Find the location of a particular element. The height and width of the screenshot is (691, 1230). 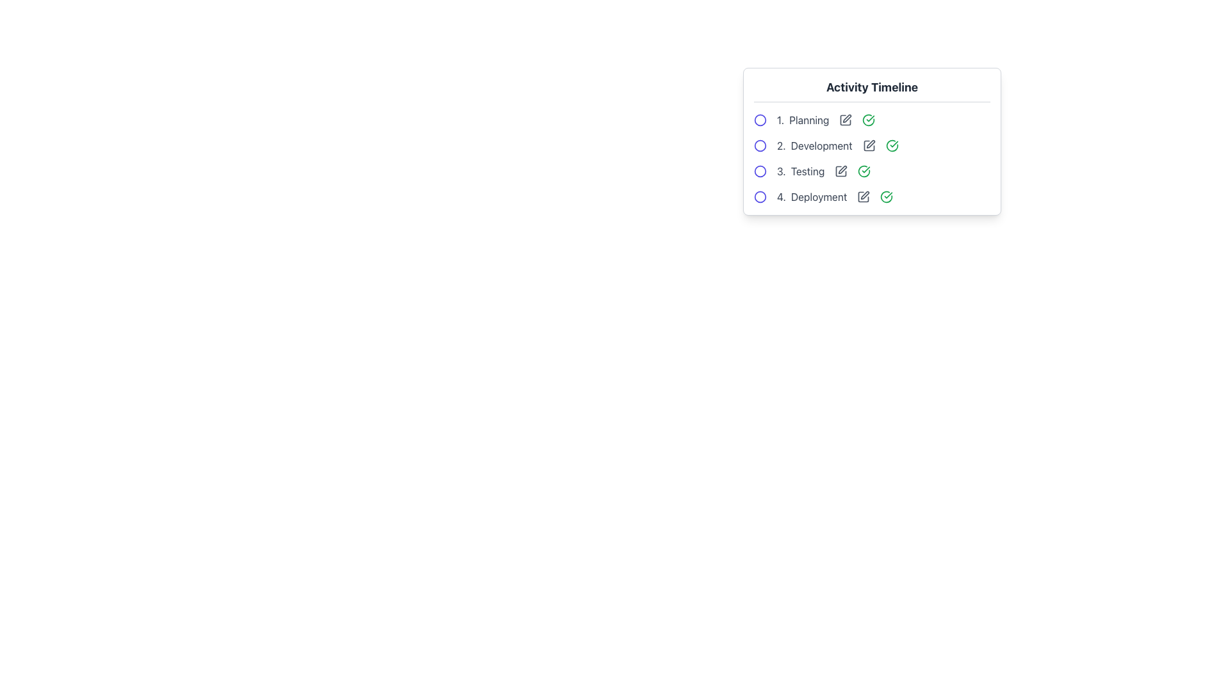

the 'Development' phase text label in the Activity Timeline section, which is the second item in the list, positioned below 'Planning' is located at coordinates (821, 145).